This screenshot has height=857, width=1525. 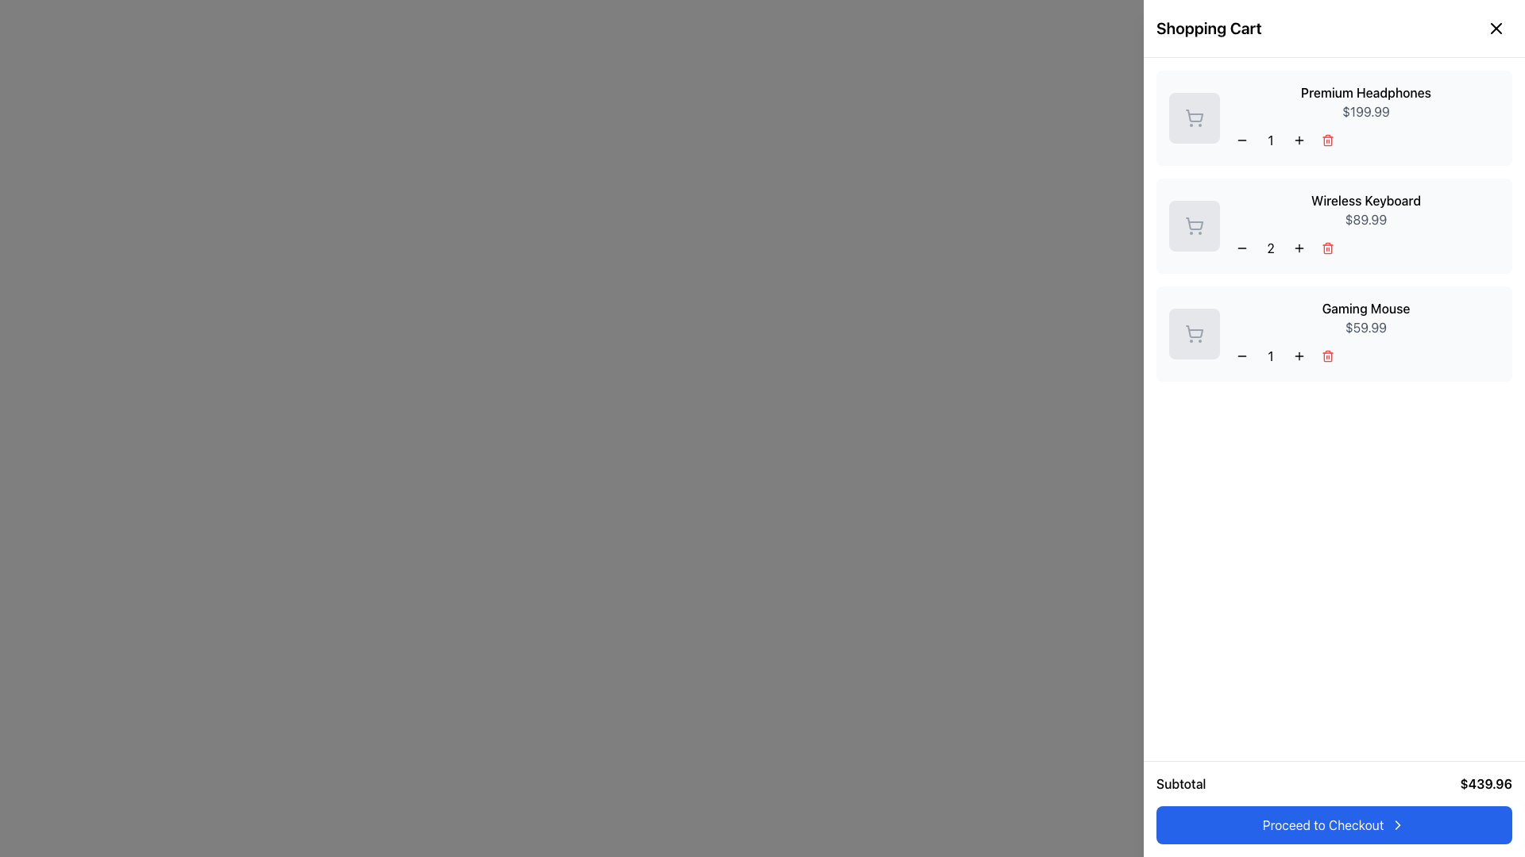 What do you see at coordinates (1327, 248) in the screenshot?
I see `the red trash bin icon button located on the right side of the 'Wireless Keyboard' item in the shopping cart` at bounding box center [1327, 248].